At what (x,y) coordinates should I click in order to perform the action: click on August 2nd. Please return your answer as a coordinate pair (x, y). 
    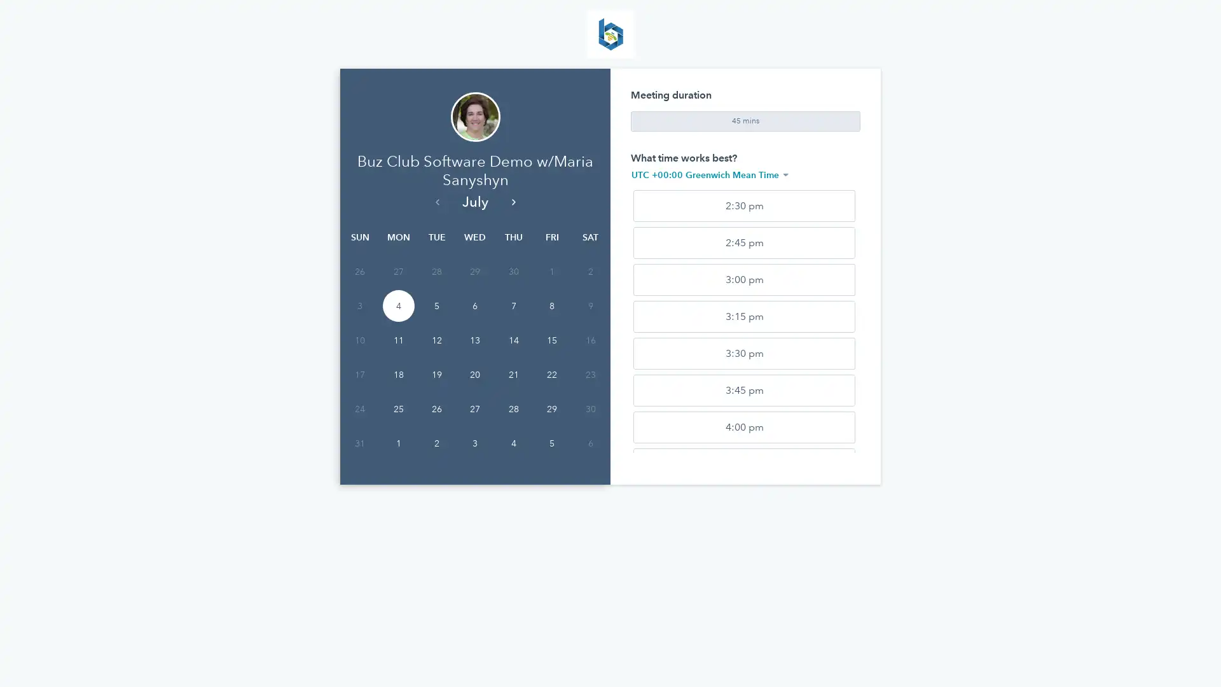
    Looking at the image, I should click on (436, 443).